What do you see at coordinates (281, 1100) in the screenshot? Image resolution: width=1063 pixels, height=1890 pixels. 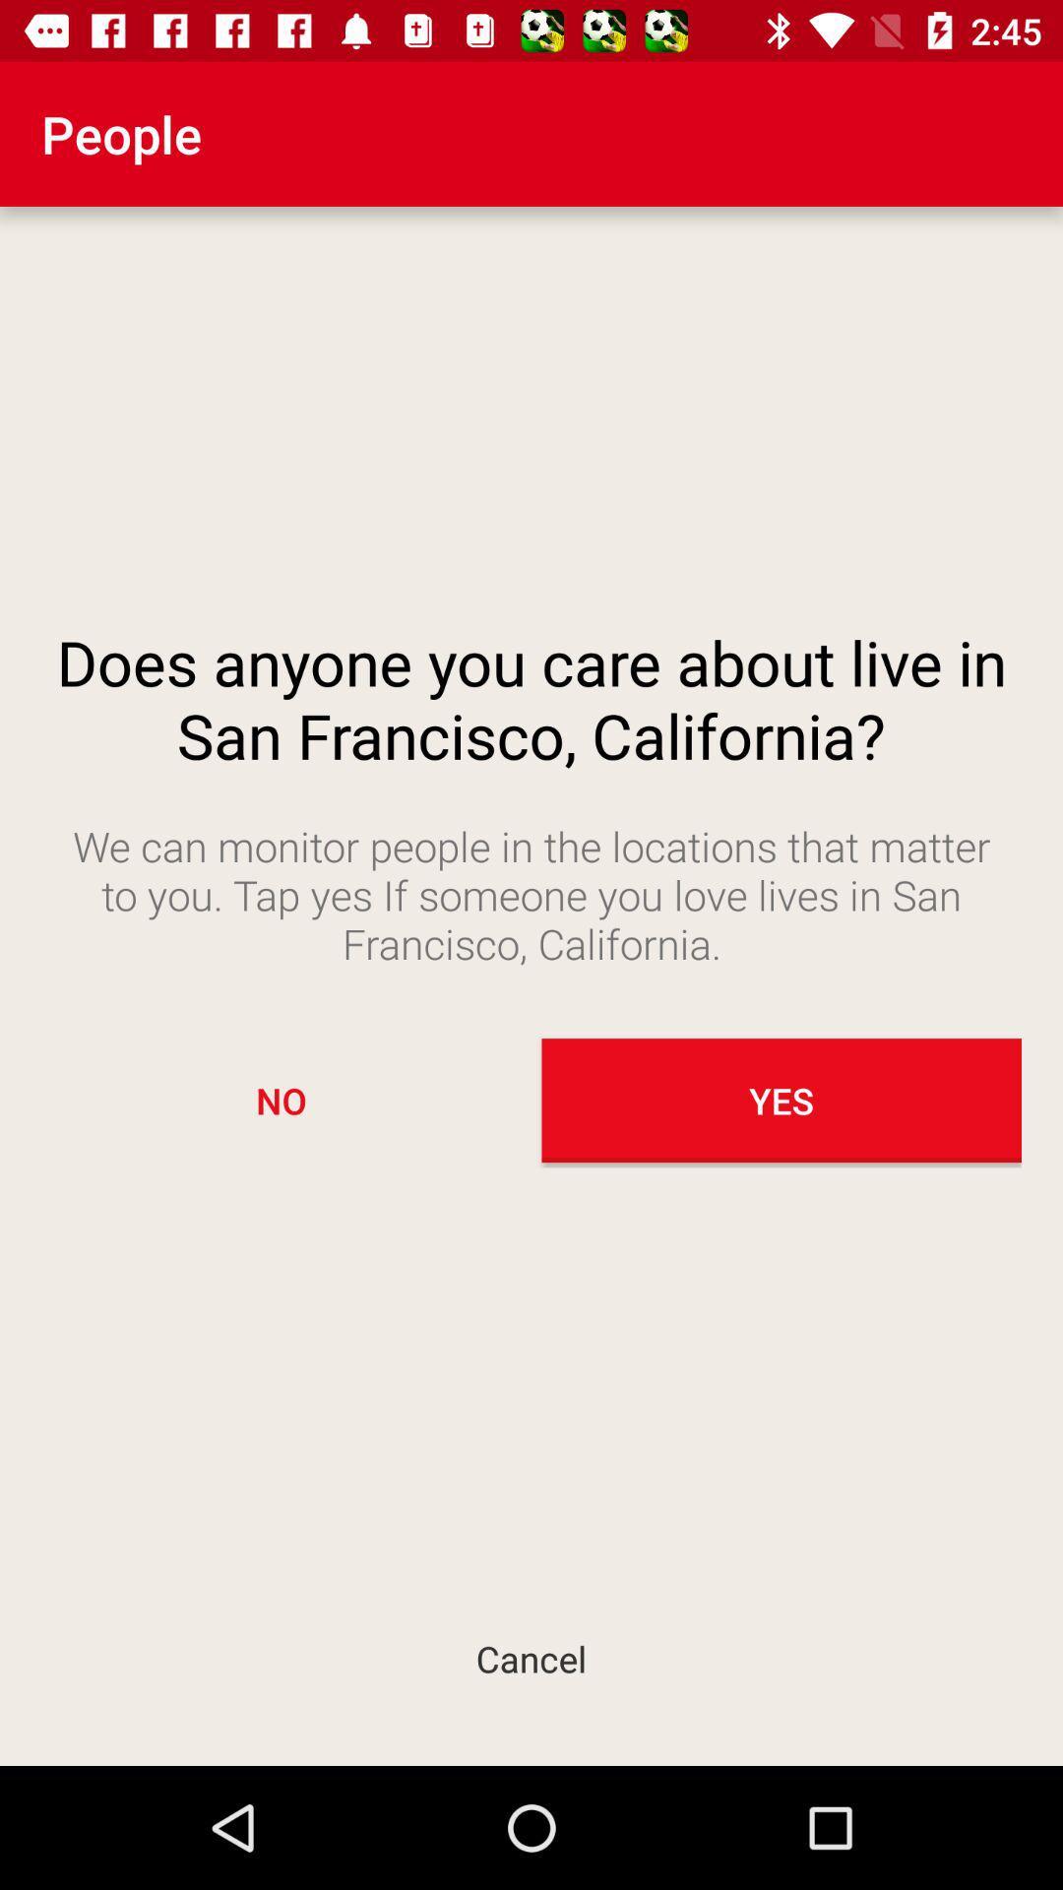 I see `item above cancel` at bounding box center [281, 1100].